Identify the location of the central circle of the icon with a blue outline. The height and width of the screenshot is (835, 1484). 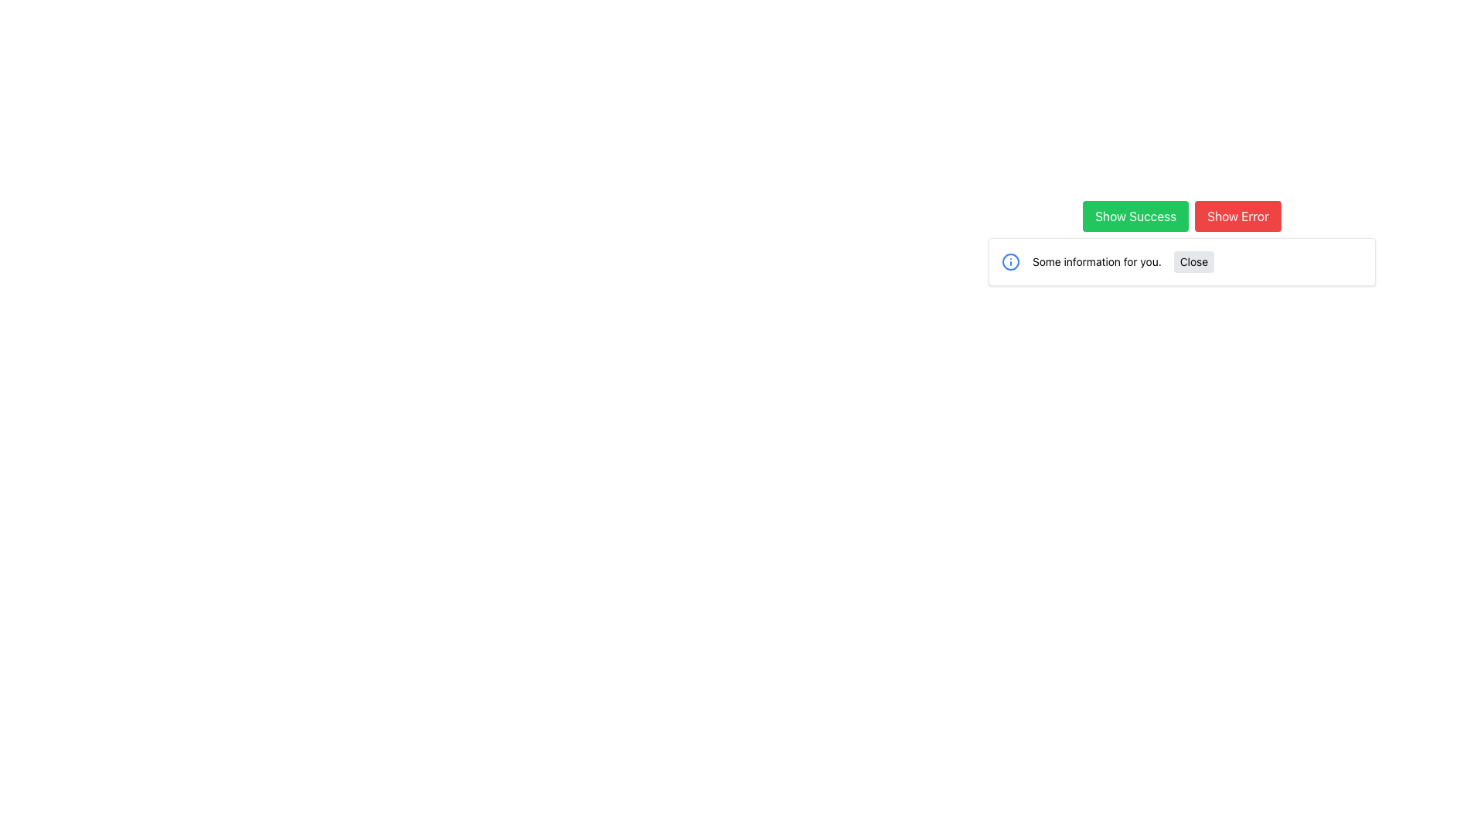
(1011, 261).